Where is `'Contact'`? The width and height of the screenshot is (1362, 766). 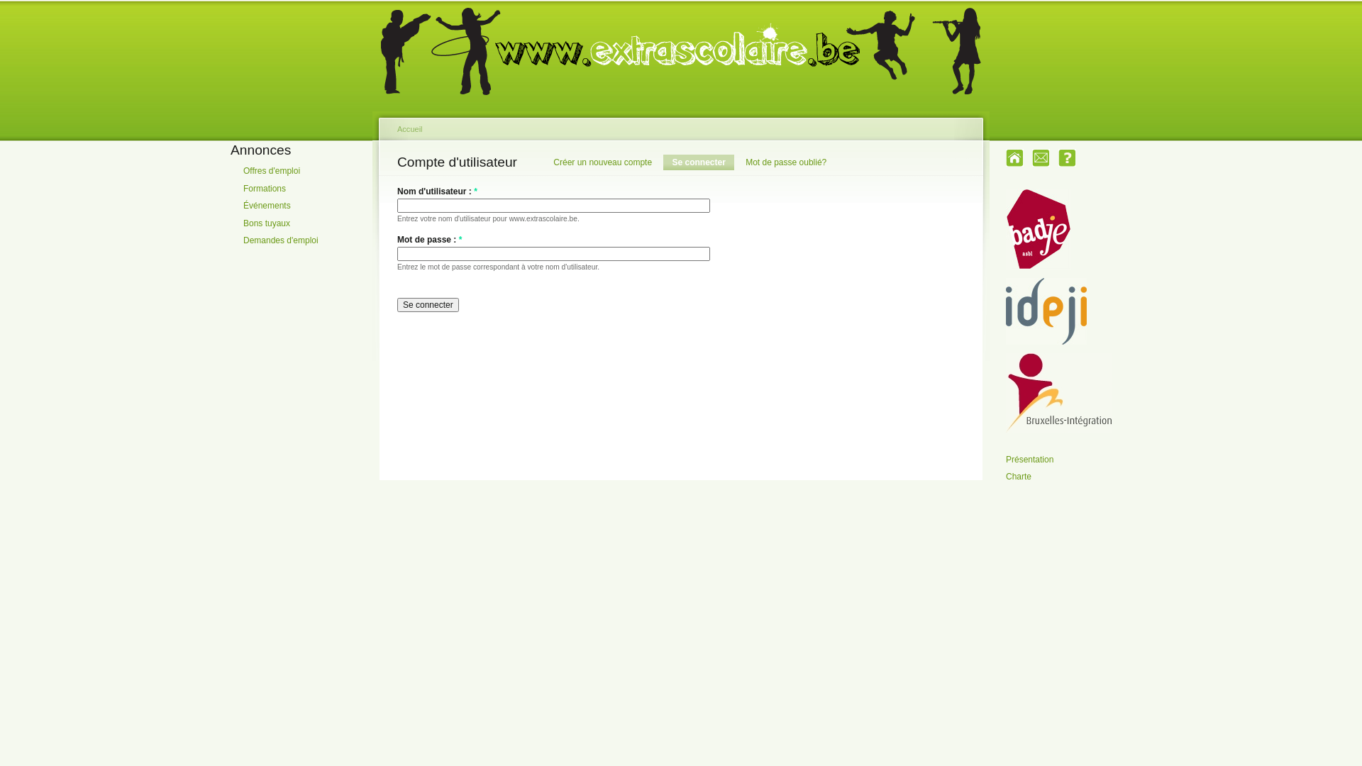
'Contact' is located at coordinates (1041, 157).